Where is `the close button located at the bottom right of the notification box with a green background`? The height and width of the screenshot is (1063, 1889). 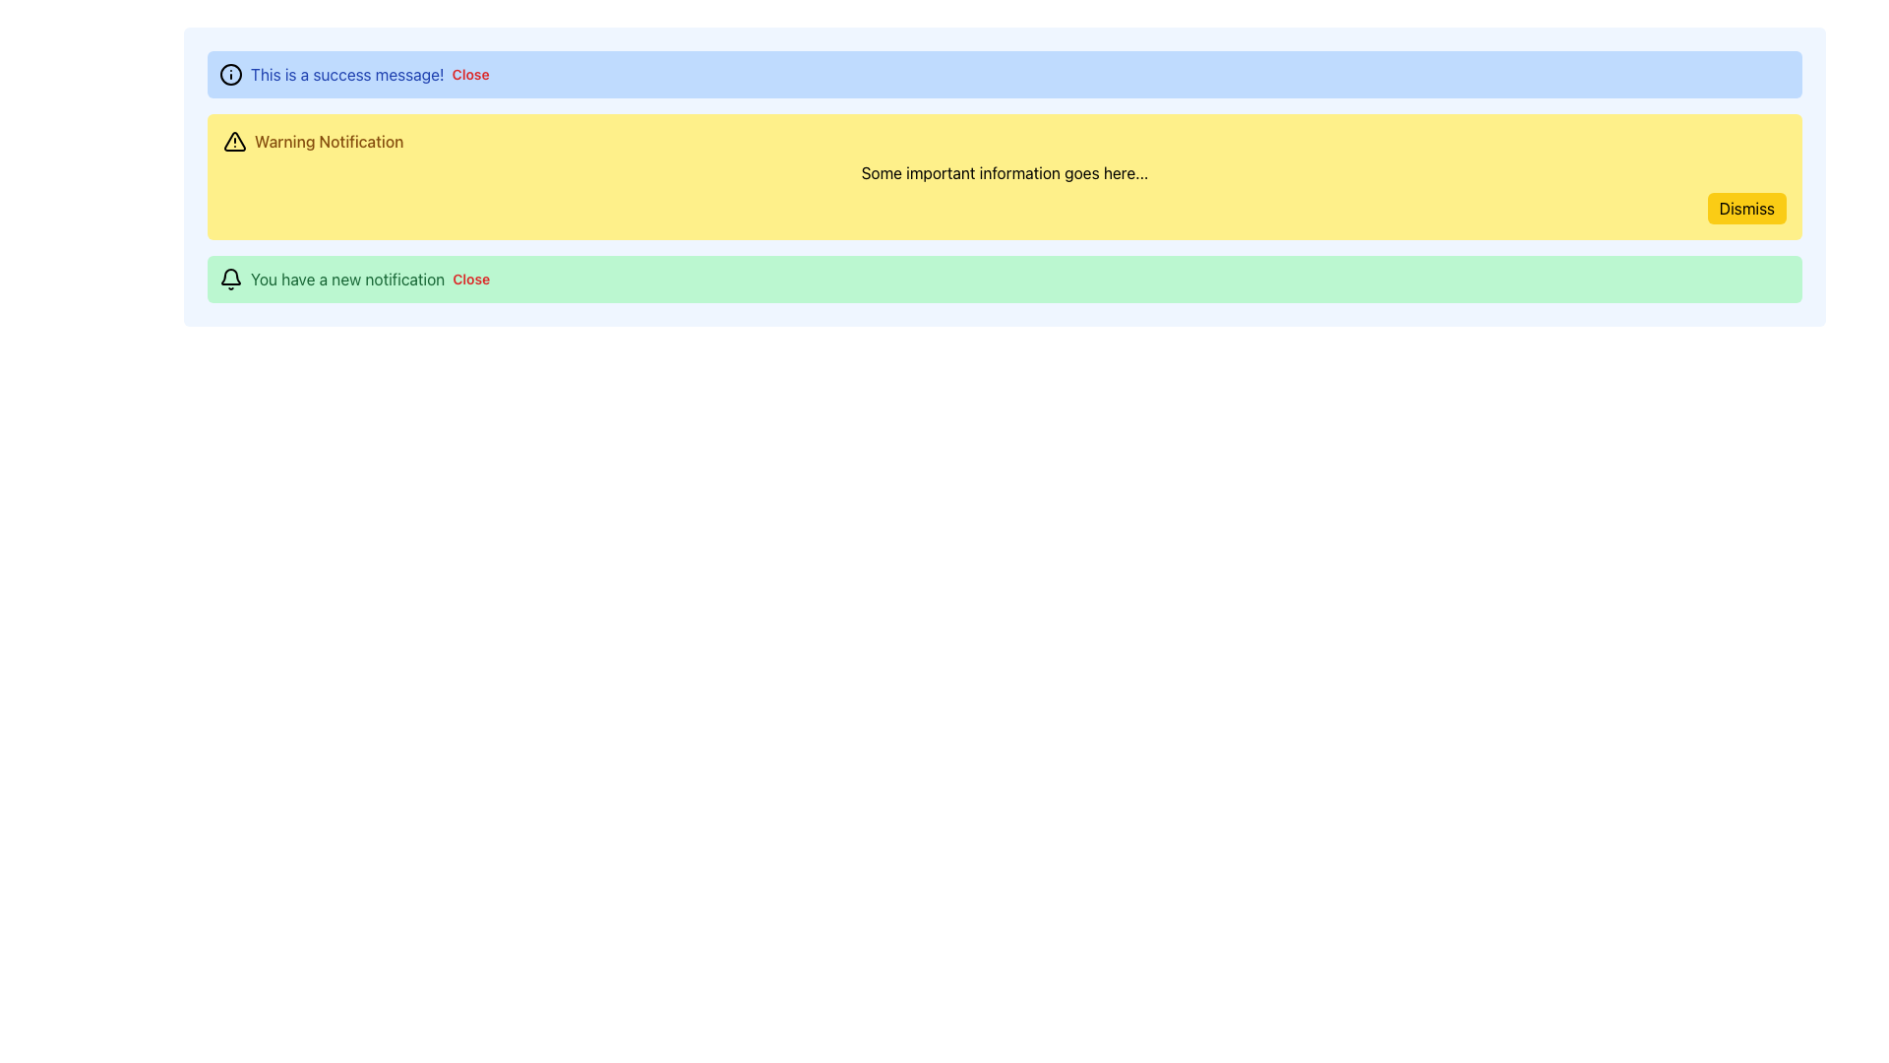 the close button located at the bottom right of the notification box with a green background is located at coordinates (470, 280).